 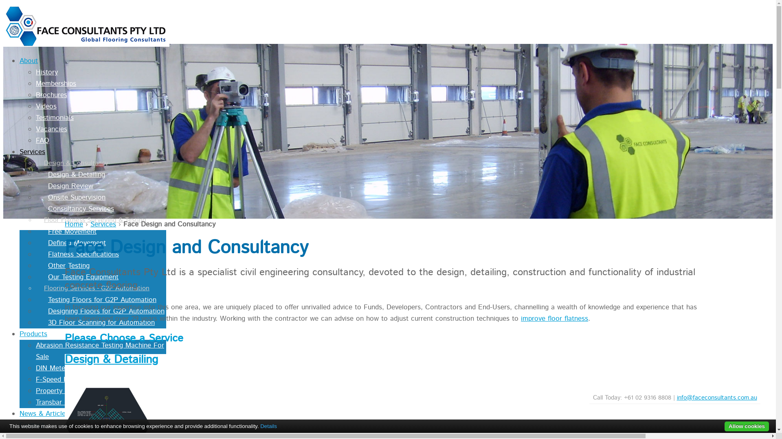 I want to click on 'Videos', so click(x=46, y=106).